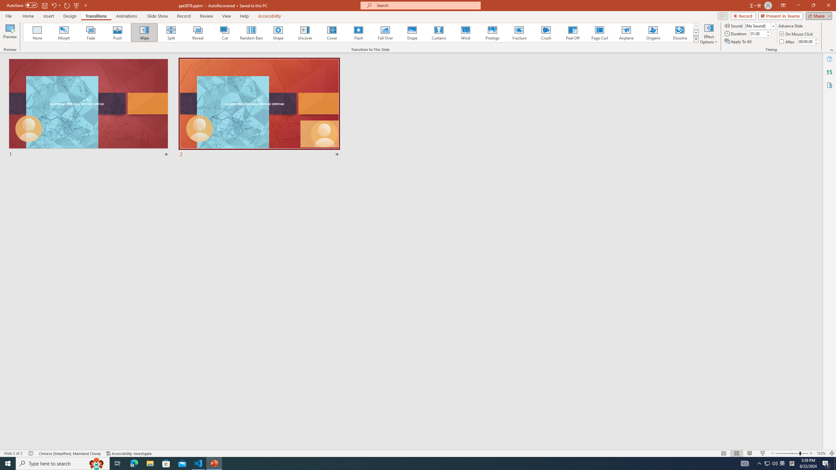  I want to click on 'Origami', so click(652, 32).